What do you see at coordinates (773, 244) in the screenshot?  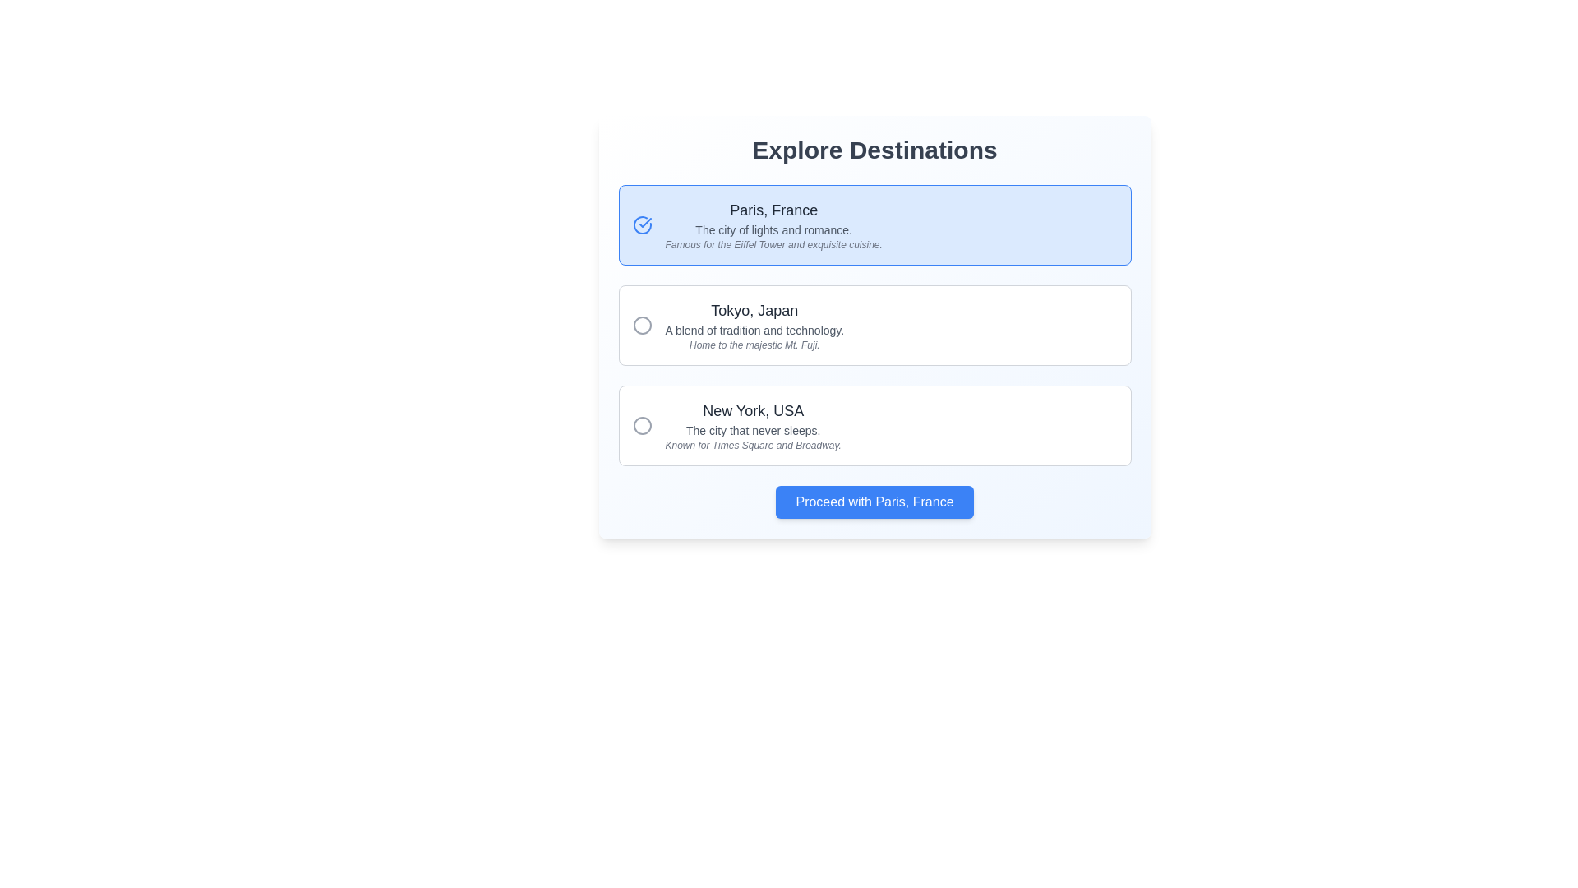 I see `the static text element that contains the phrase 'Famous for the Eiffel Tower and exquisite cuisine.' styled in a small italic font with a gray color, located beneath the description 'The city of lights and romance.' for 'Paris, France'` at bounding box center [773, 244].